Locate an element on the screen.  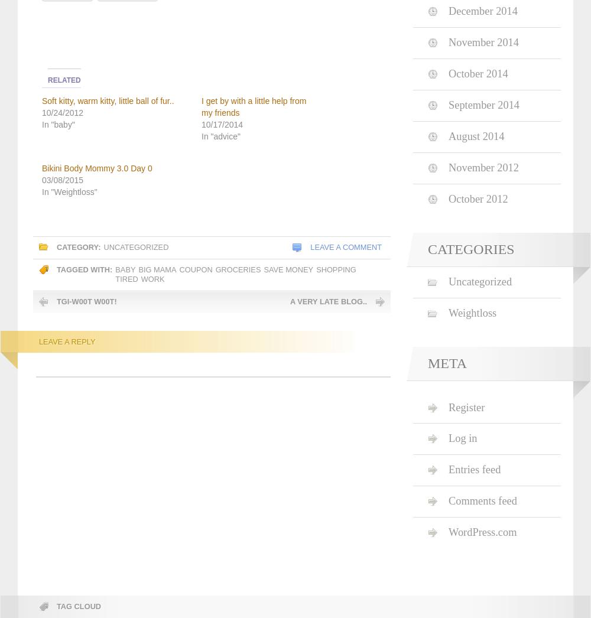
'September 2014' is located at coordinates (483, 105).